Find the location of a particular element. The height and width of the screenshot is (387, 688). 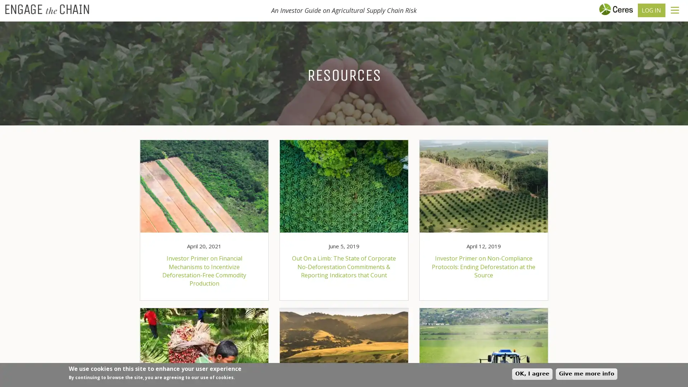

Toggle navigation is located at coordinates (674, 10).